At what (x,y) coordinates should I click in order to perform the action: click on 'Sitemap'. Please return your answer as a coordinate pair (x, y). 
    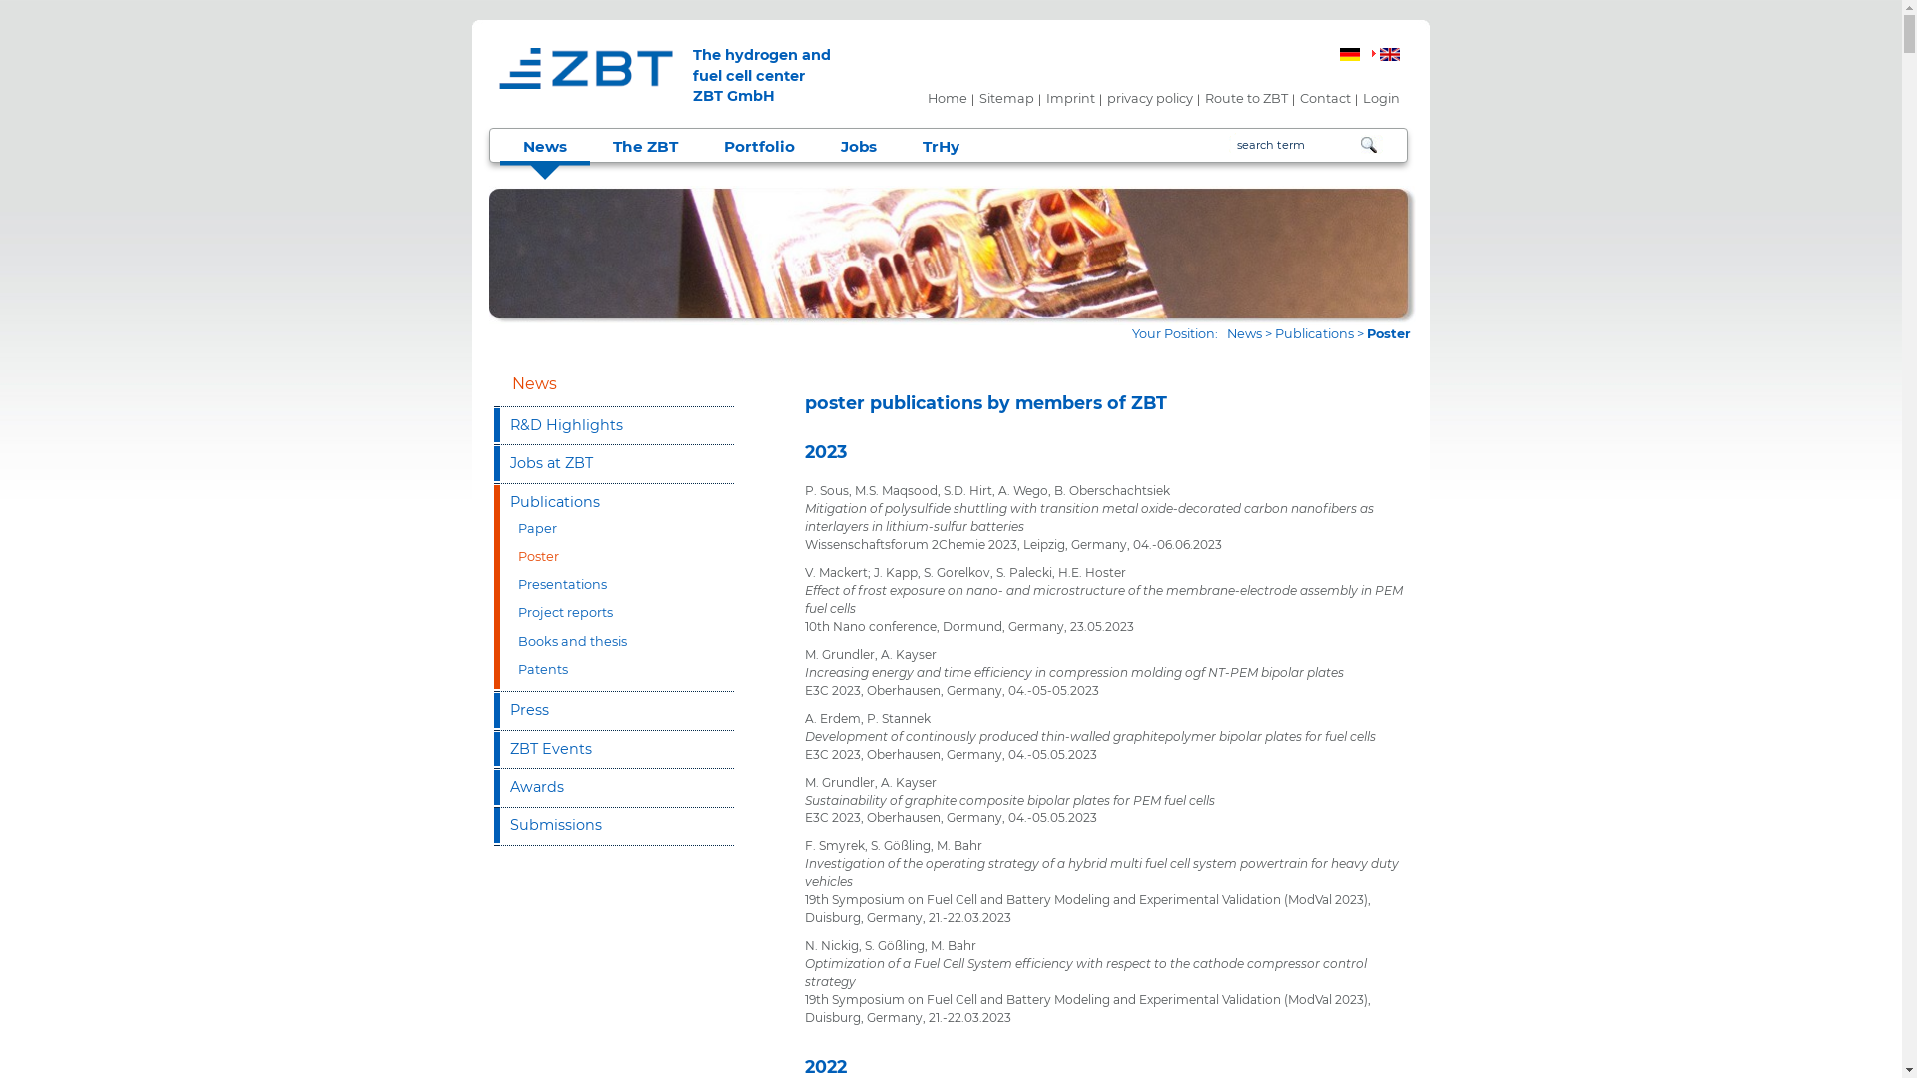
    Looking at the image, I should click on (1006, 99).